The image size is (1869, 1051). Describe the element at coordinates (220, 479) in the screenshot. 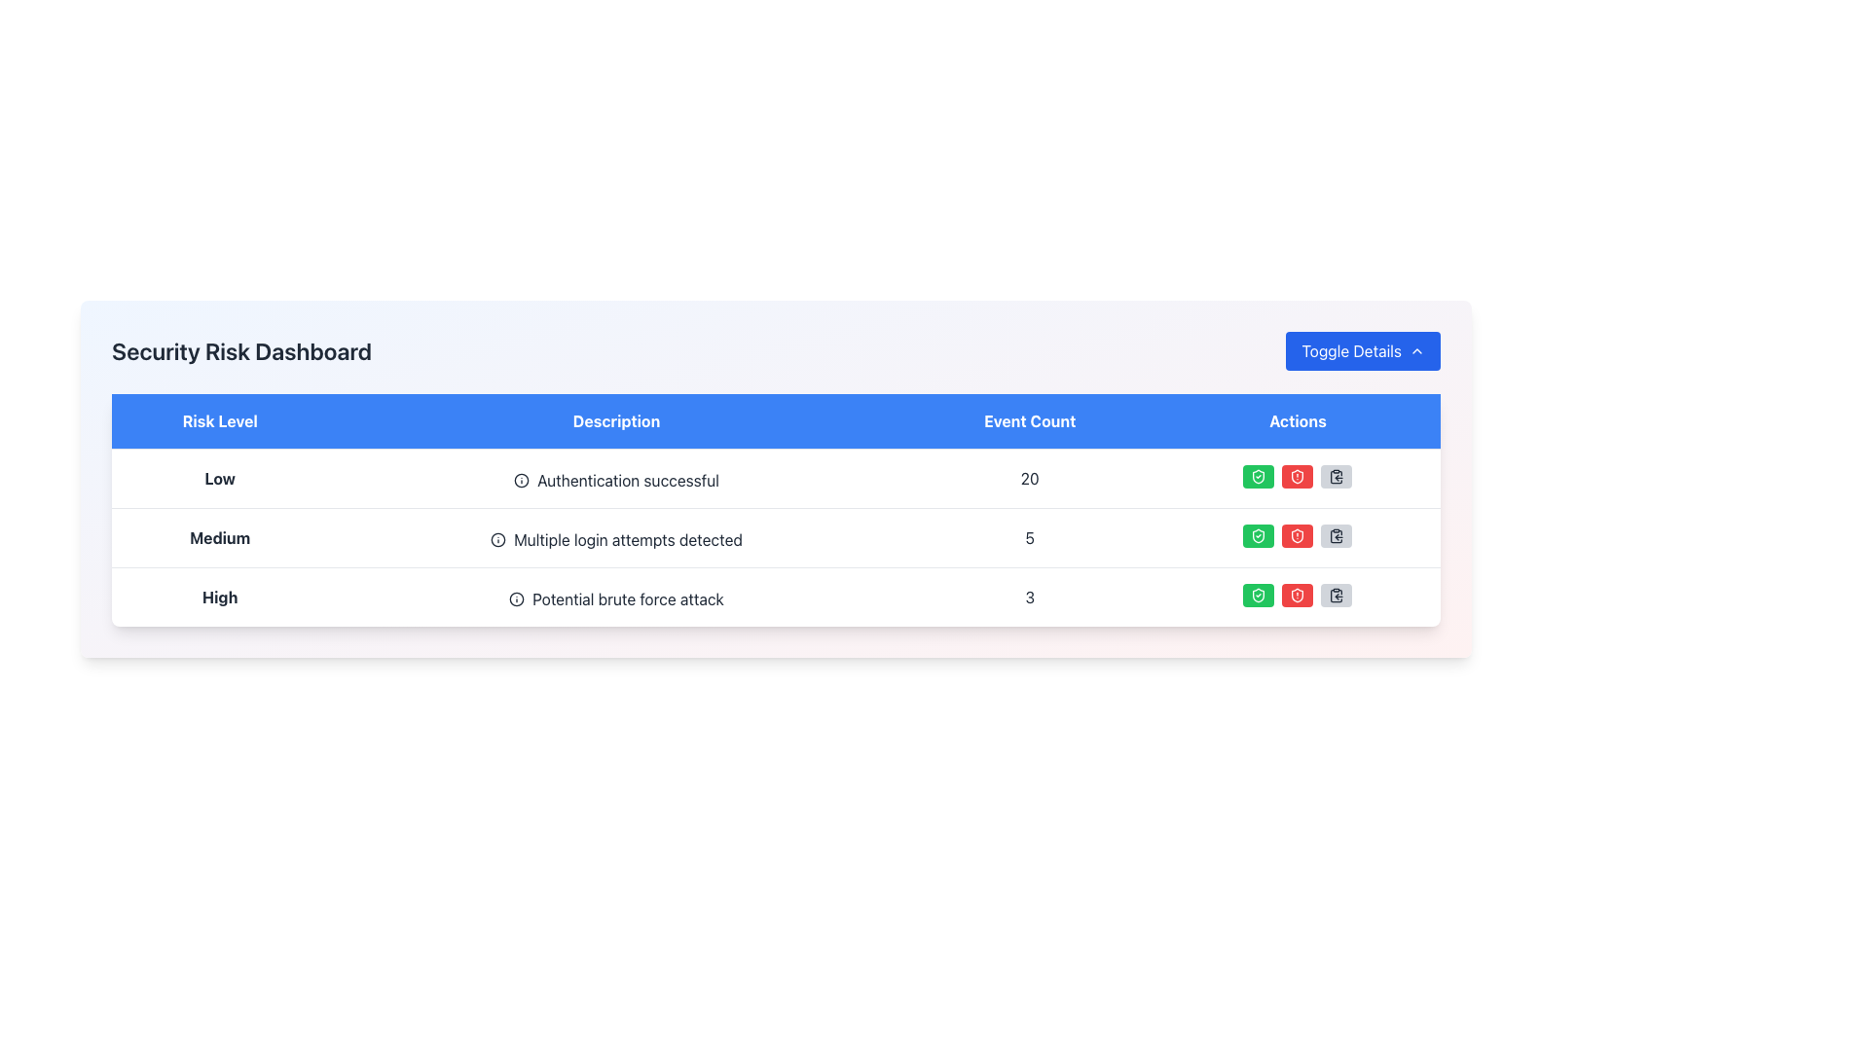

I see `text label indicating the risk level located in the leftmost column of the data table under the 'Risk Level' header, specifically in the first row next to 'Authentication successful' with the value '20'` at that location.